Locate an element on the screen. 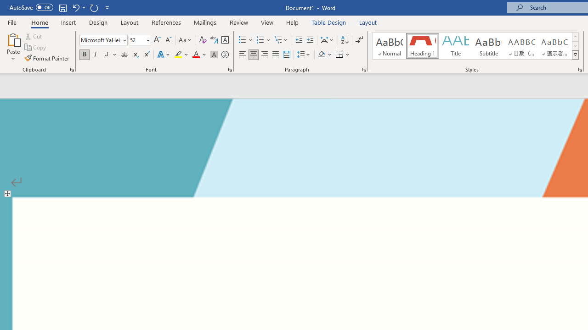 The image size is (588, 330). 'Repeat Typing' is located at coordinates (94, 7).